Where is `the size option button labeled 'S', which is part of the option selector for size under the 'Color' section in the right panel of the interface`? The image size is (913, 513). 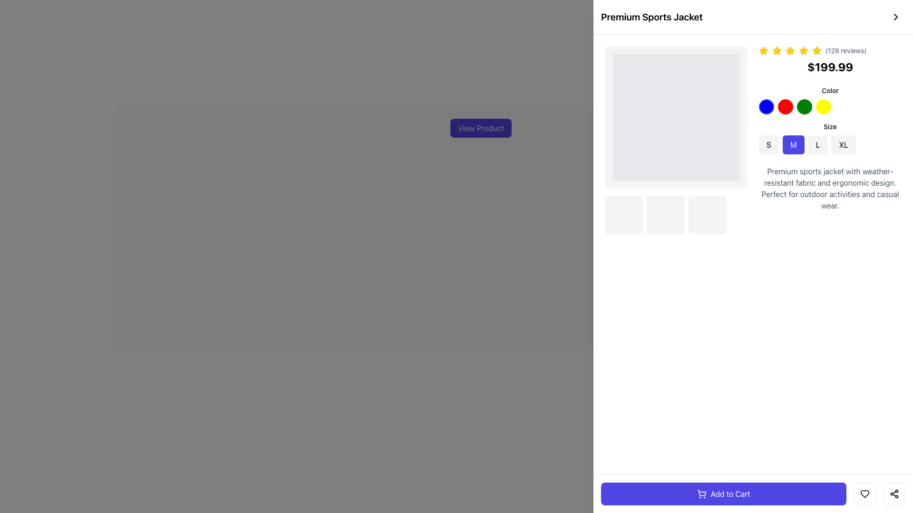
the size option button labeled 'S', which is part of the option selector for size under the 'Color' section in the right panel of the interface is located at coordinates (830, 138).